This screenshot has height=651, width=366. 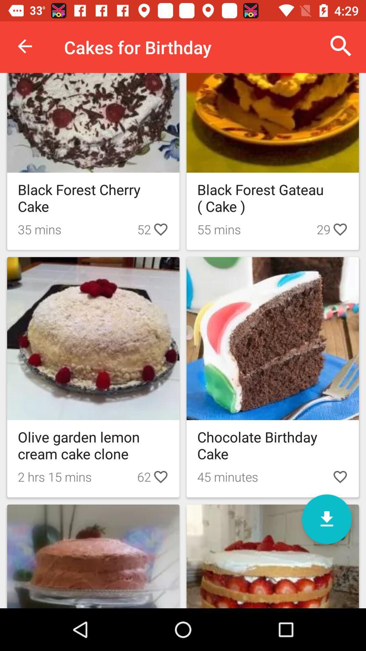 I want to click on the image which is above chocolate birthday cake, so click(x=272, y=338).